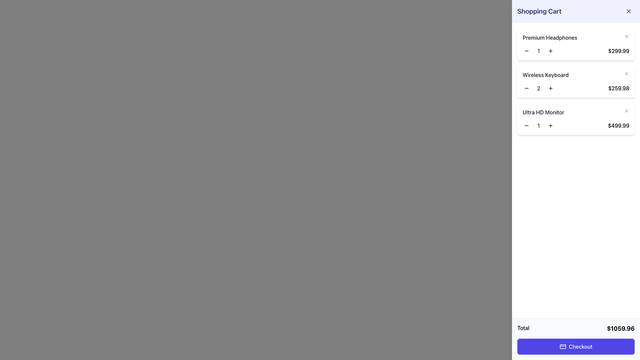 The image size is (640, 360). What do you see at coordinates (526, 126) in the screenshot?
I see `the leftmost button that decreases the quantity of the 'Ultra HD Monitor' item in the shopping cart` at bounding box center [526, 126].